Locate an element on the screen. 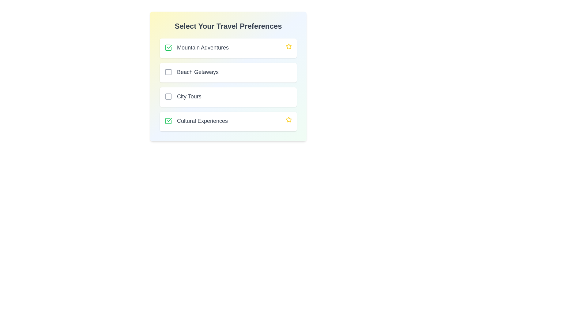 The width and height of the screenshot is (588, 330). the preference Beach Getaways is located at coordinates (168, 71).